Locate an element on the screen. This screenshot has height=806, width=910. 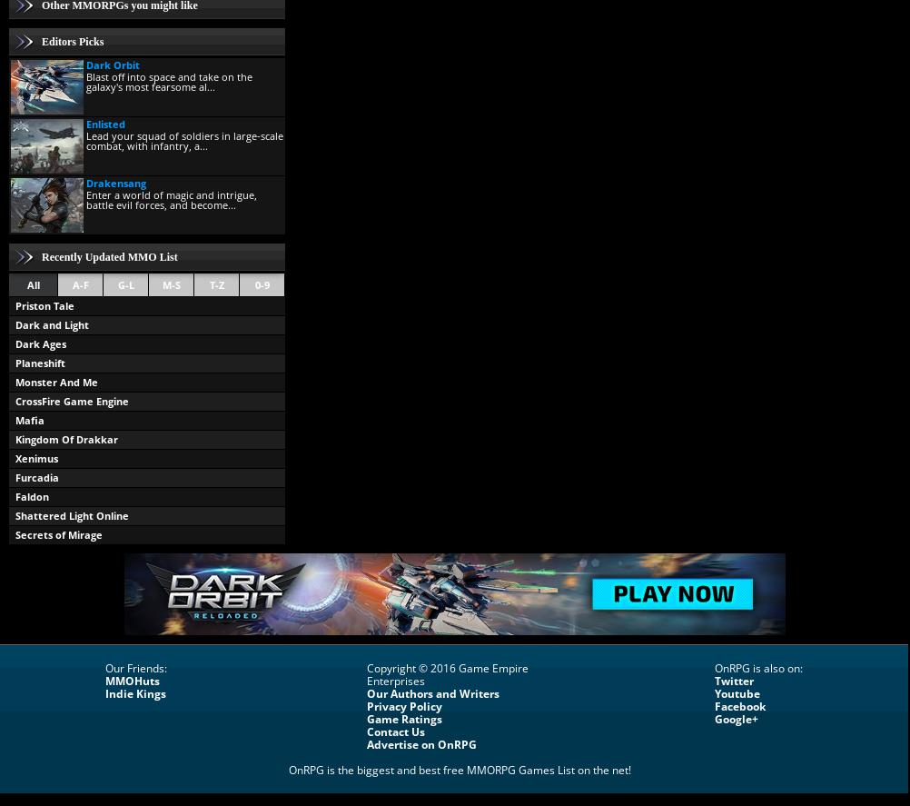
'Recently Updated MMO List' is located at coordinates (108, 254).